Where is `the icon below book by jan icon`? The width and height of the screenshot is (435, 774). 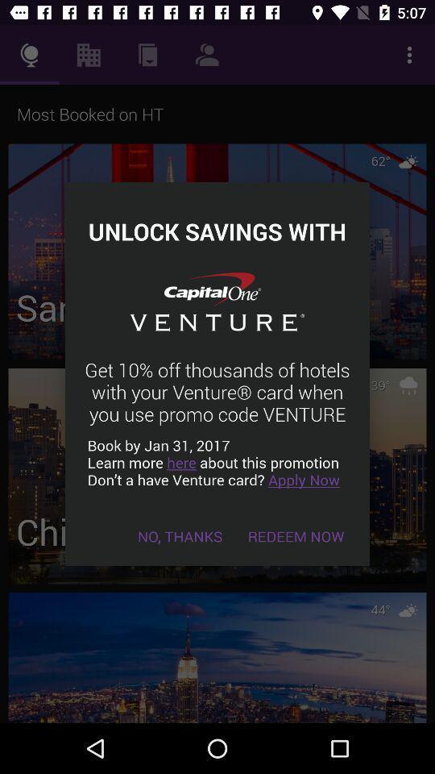 the icon below book by jan icon is located at coordinates (295, 536).